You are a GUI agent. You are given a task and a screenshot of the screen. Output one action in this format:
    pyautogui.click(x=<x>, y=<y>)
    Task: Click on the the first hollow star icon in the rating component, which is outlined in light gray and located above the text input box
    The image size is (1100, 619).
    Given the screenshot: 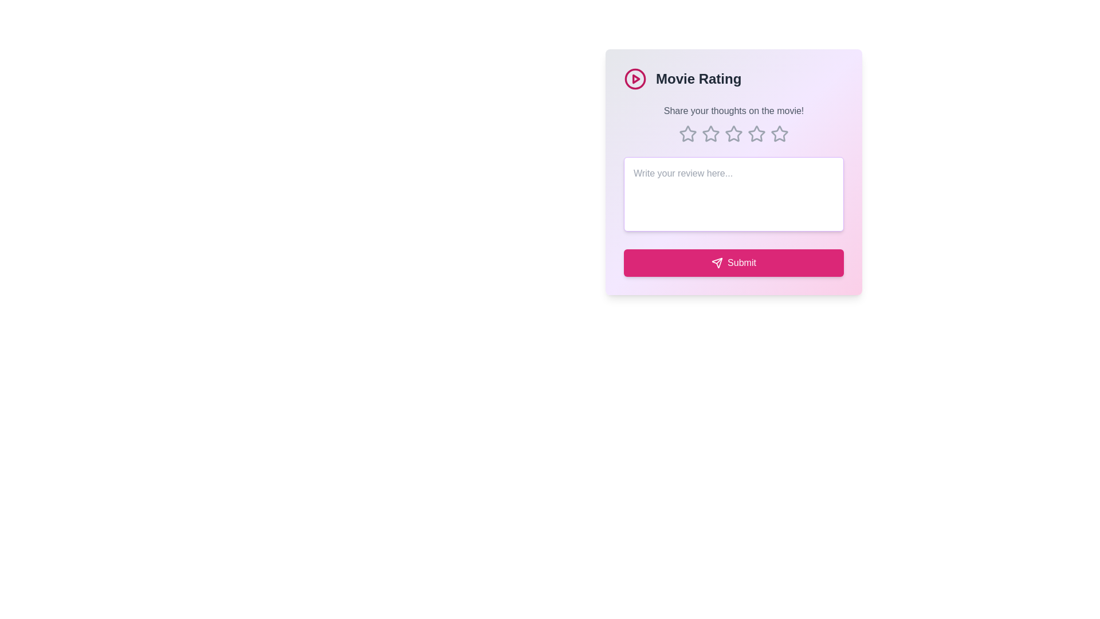 What is the action you would take?
    pyautogui.click(x=687, y=132)
    